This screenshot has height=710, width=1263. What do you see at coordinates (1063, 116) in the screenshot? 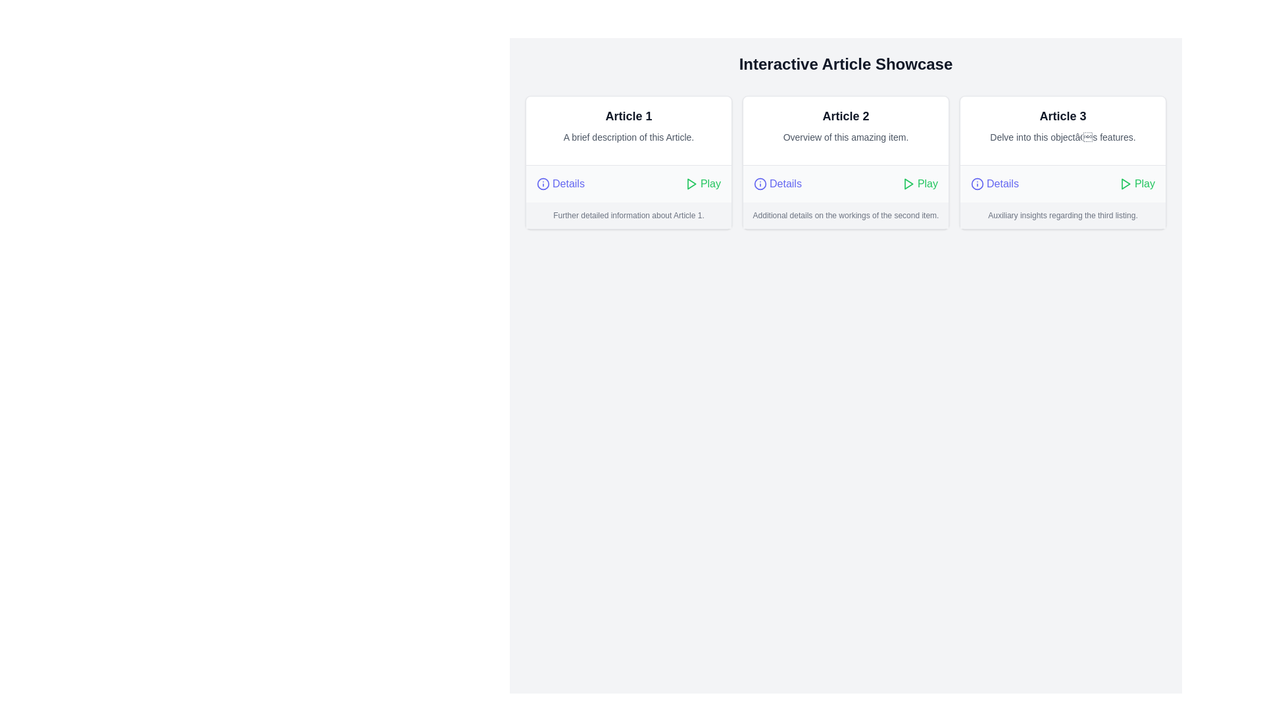
I see `on the text label 'Article 3', which is a bold heading located at the top of a white card in the third column of a grid layout` at bounding box center [1063, 116].